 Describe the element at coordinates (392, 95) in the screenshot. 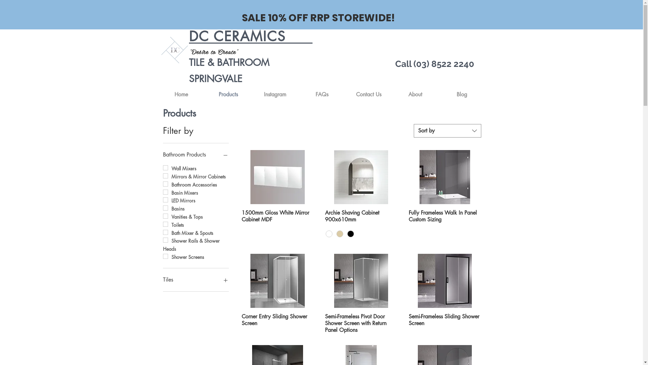

I see `'About'` at that location.